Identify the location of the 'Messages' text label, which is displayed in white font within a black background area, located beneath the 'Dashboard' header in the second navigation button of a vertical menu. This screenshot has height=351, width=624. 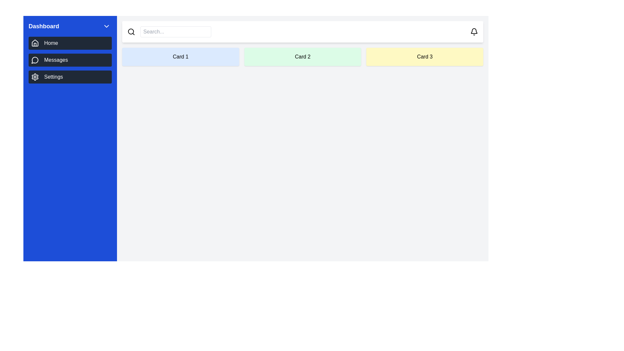
(56, 60).